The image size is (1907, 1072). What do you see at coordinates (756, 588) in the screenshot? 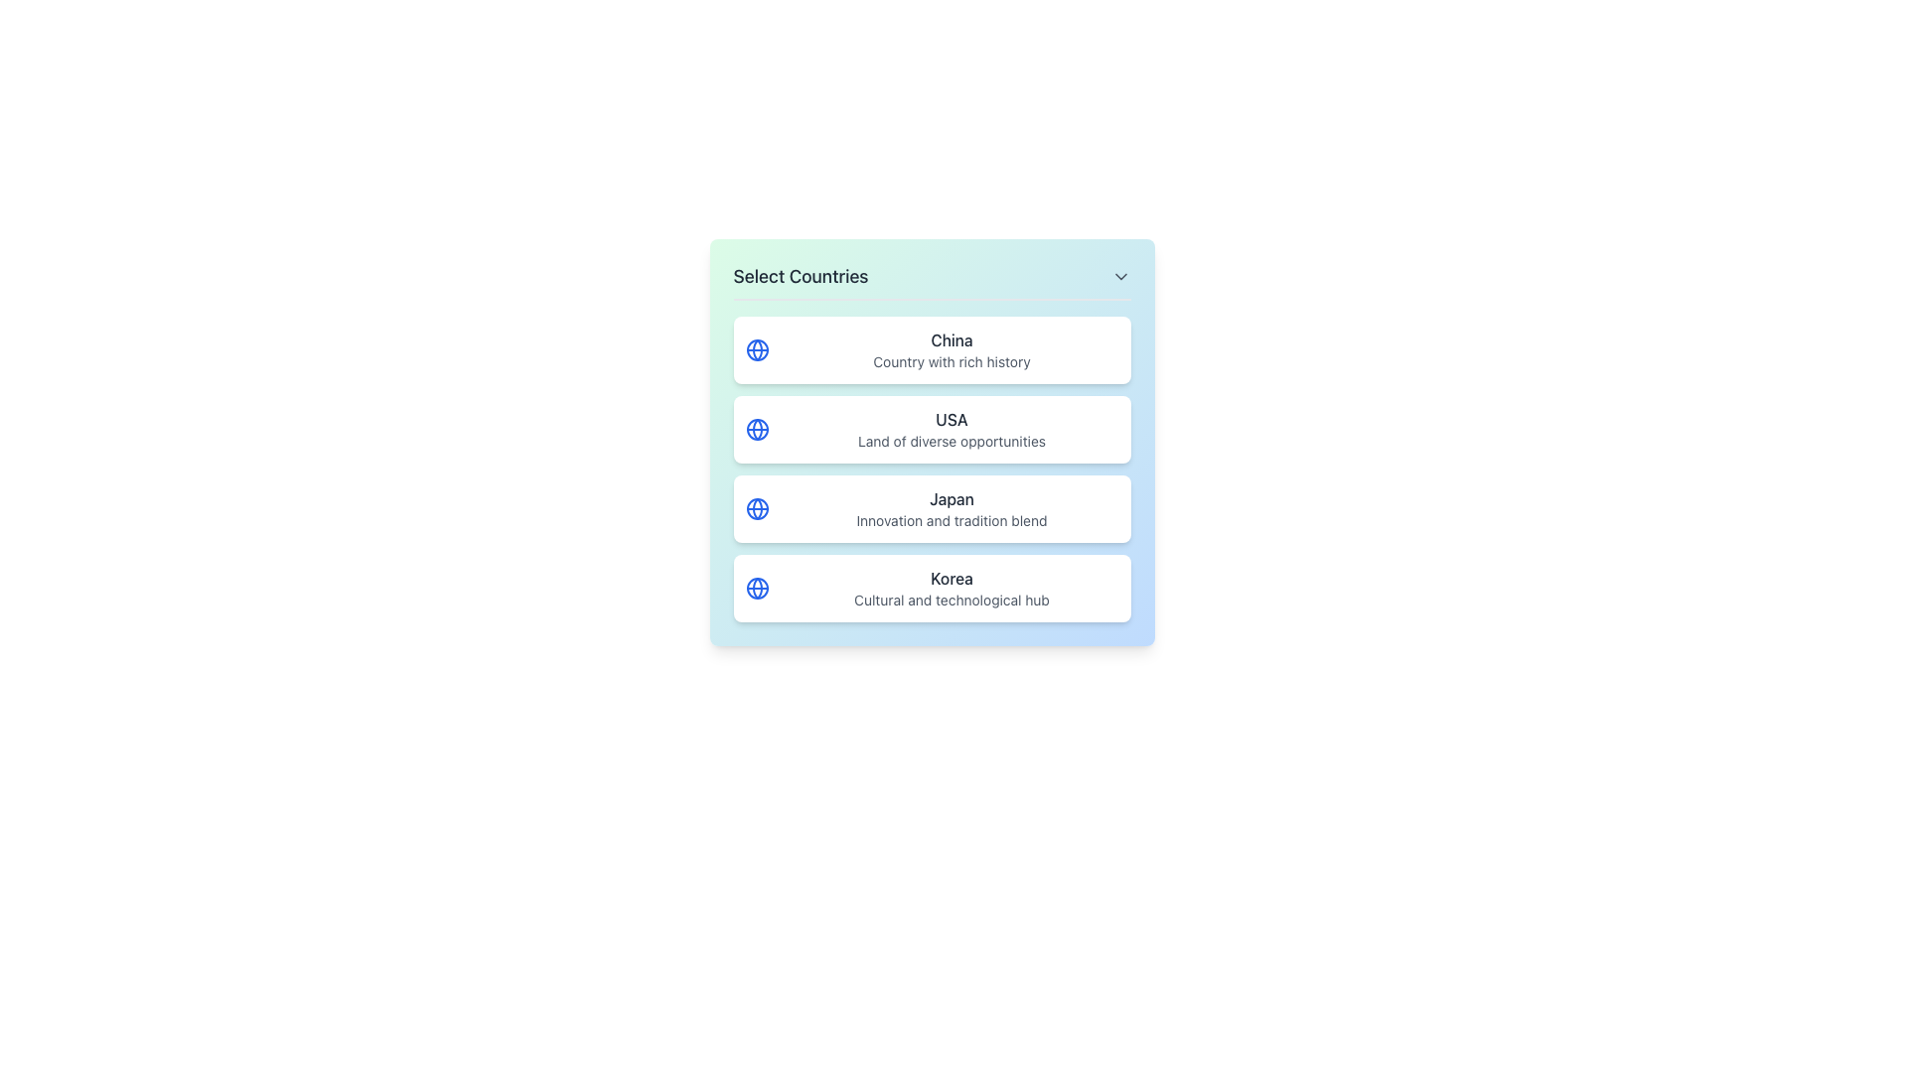
I see `the circular blue outline within the globe icon associated with the first item in the list for 'China'` at bounding box center [756, 588].